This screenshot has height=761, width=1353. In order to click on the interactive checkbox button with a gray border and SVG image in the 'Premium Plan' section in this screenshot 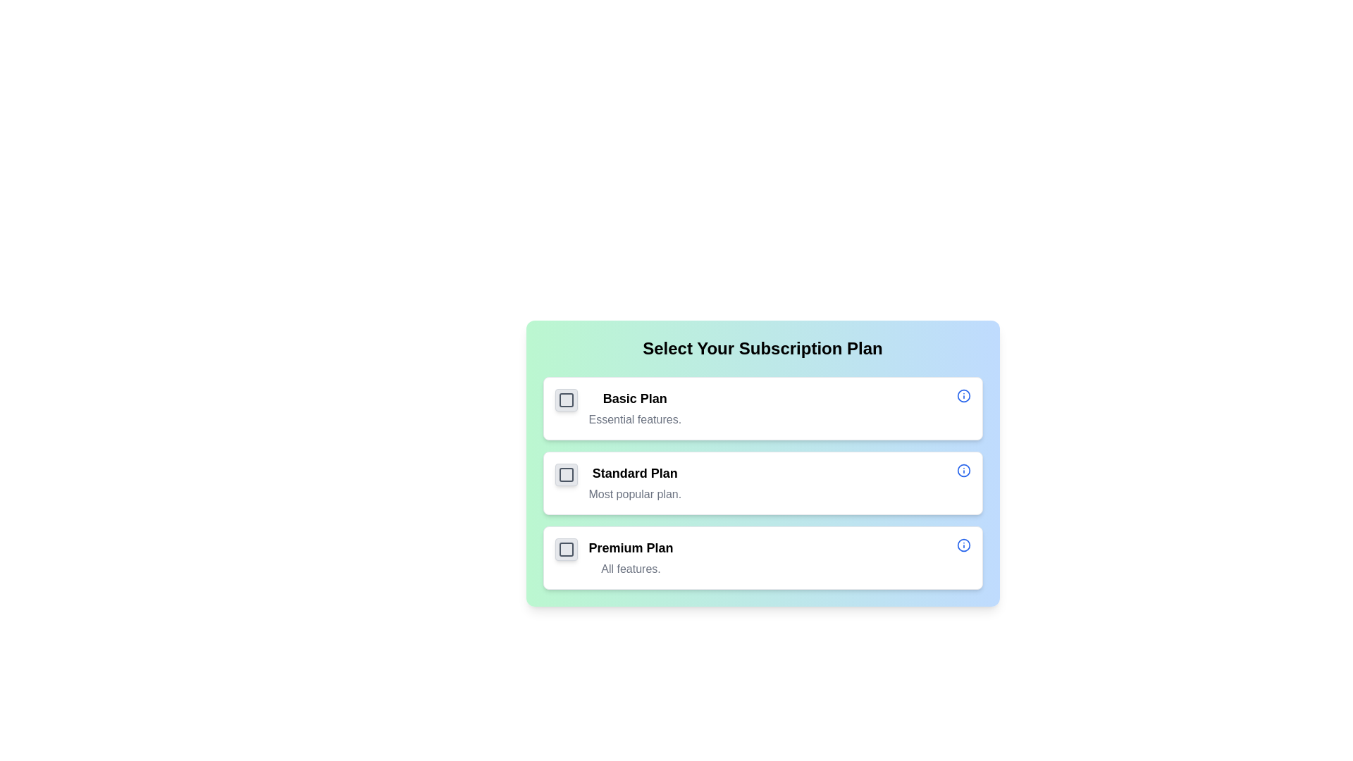, I will do `click(566, 548)`.